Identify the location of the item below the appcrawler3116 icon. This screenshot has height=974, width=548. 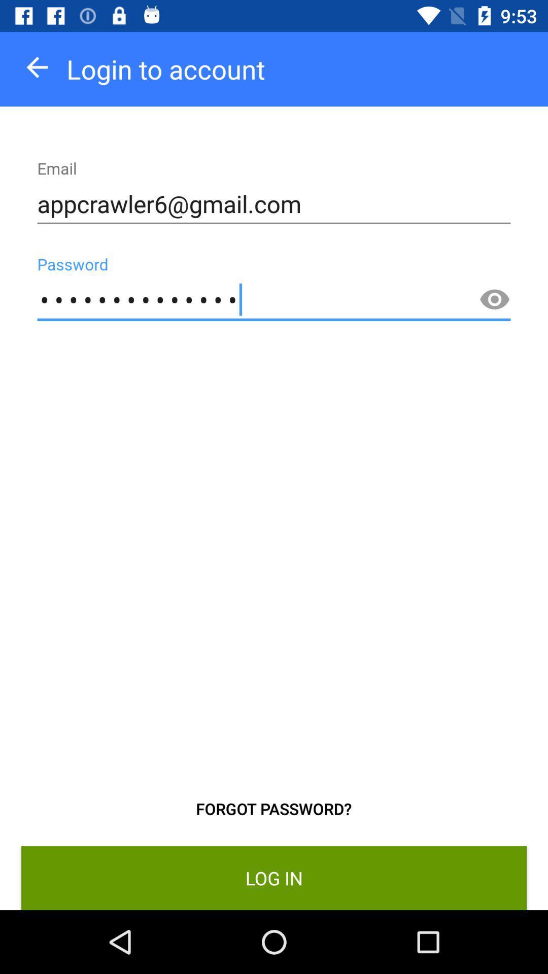
(273, 808).